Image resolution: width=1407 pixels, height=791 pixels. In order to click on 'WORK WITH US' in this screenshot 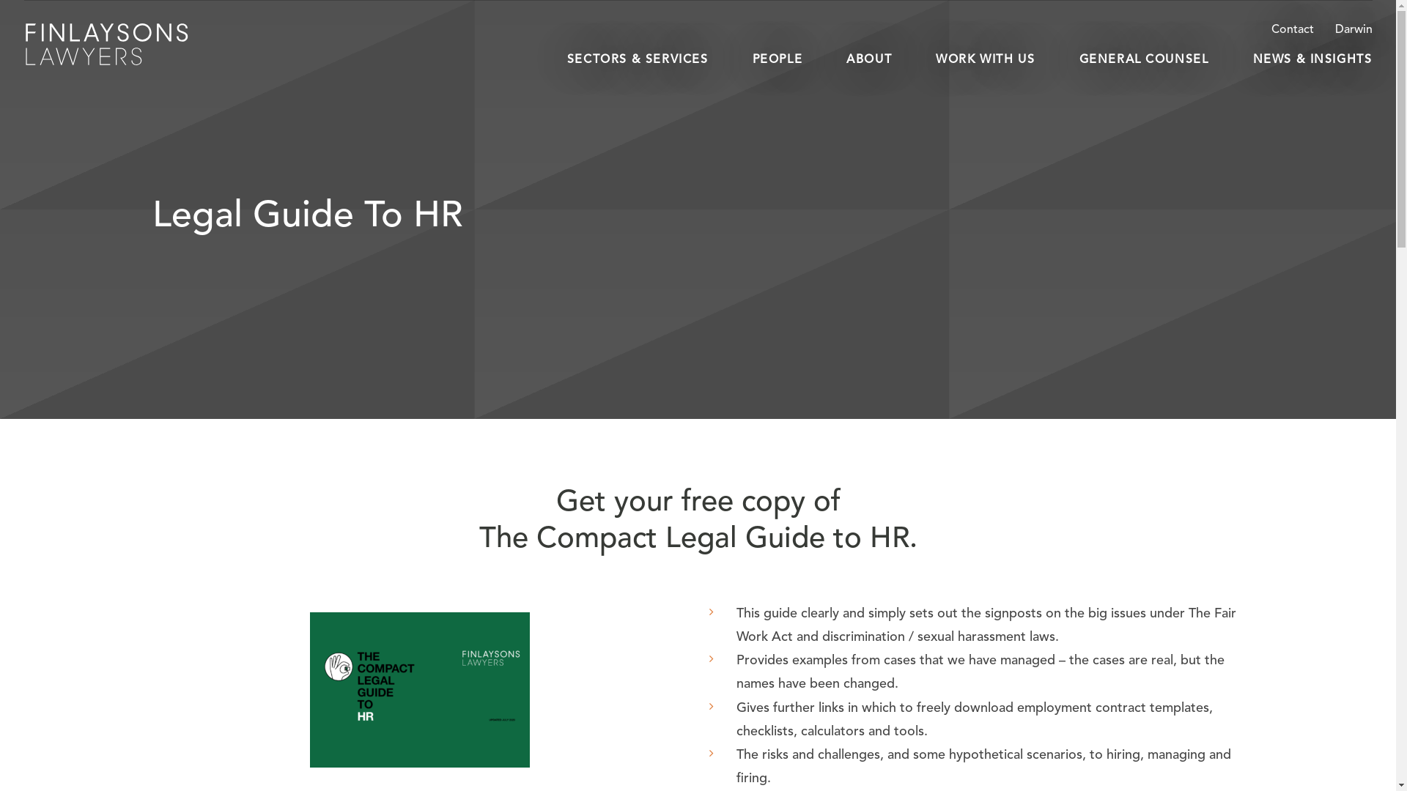, I will do `click(985, 59)`.